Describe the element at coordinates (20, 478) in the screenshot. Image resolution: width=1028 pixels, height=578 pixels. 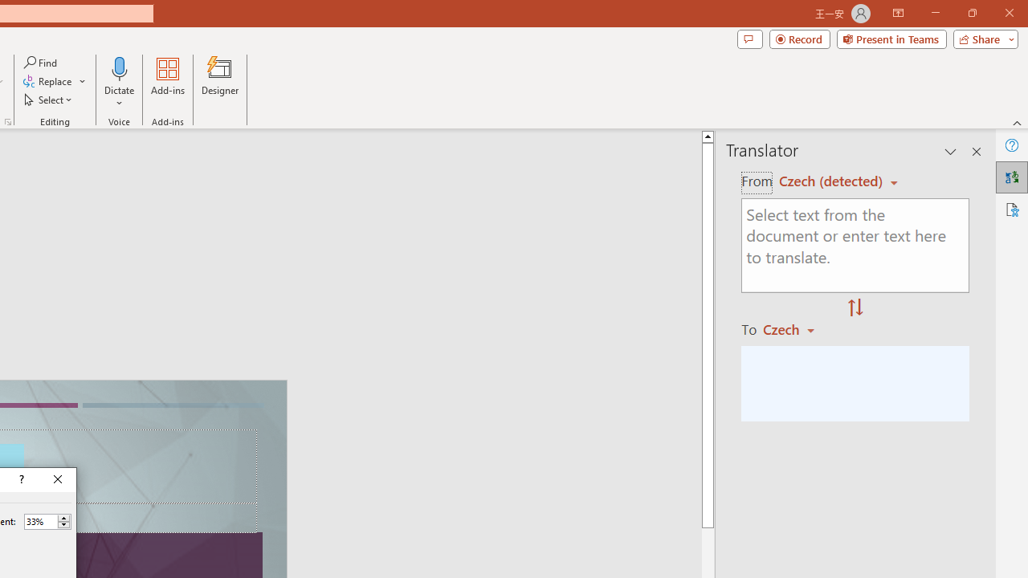
I see `'Context help'` at that location.